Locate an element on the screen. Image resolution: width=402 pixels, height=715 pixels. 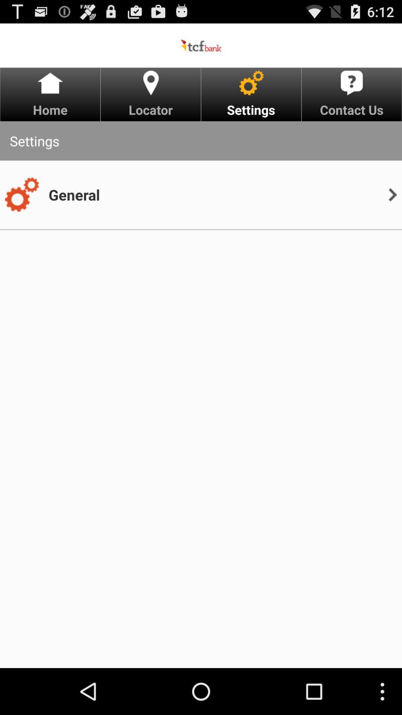
the item next to general icon is located at coordinates (21, 195).